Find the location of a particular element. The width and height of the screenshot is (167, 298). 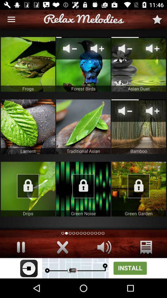

image is located at coordinates (28, 189).